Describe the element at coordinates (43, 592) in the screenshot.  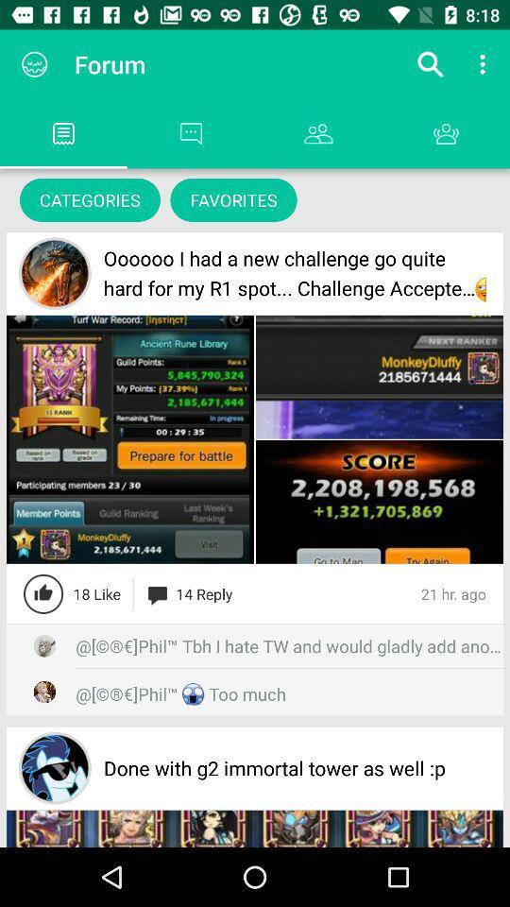
I see `like the post` at that location.